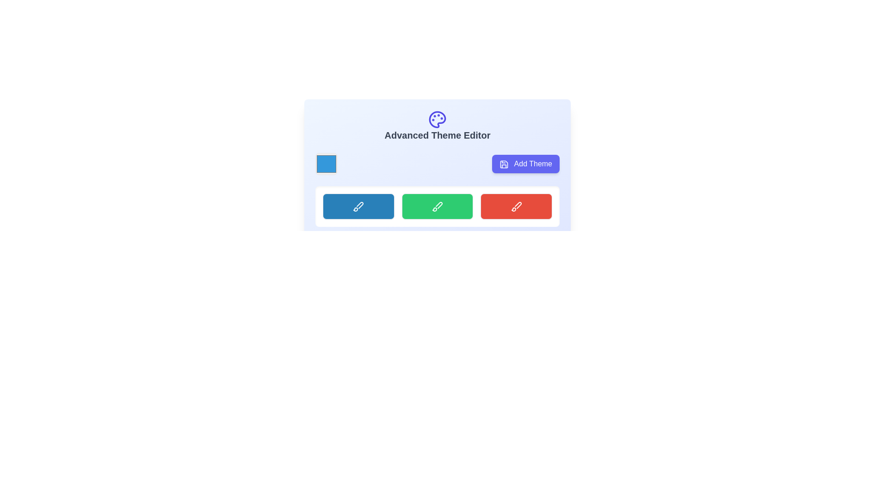 The height and width of the screenshot is (499, 888). I want to click on the green brush icon button in the 'Advanced Theme Editor' section that represents editing or customization, so click(438, 205).